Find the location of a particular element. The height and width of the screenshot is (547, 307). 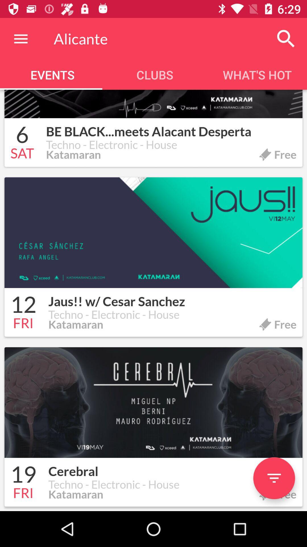

the icon next to the techno - electronic - house icon is located at coordinates (22, 154).